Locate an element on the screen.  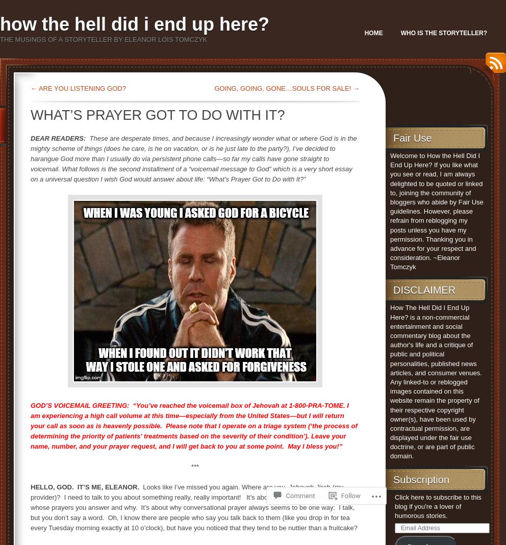
'Comment' is located at coordinates (285, 496).